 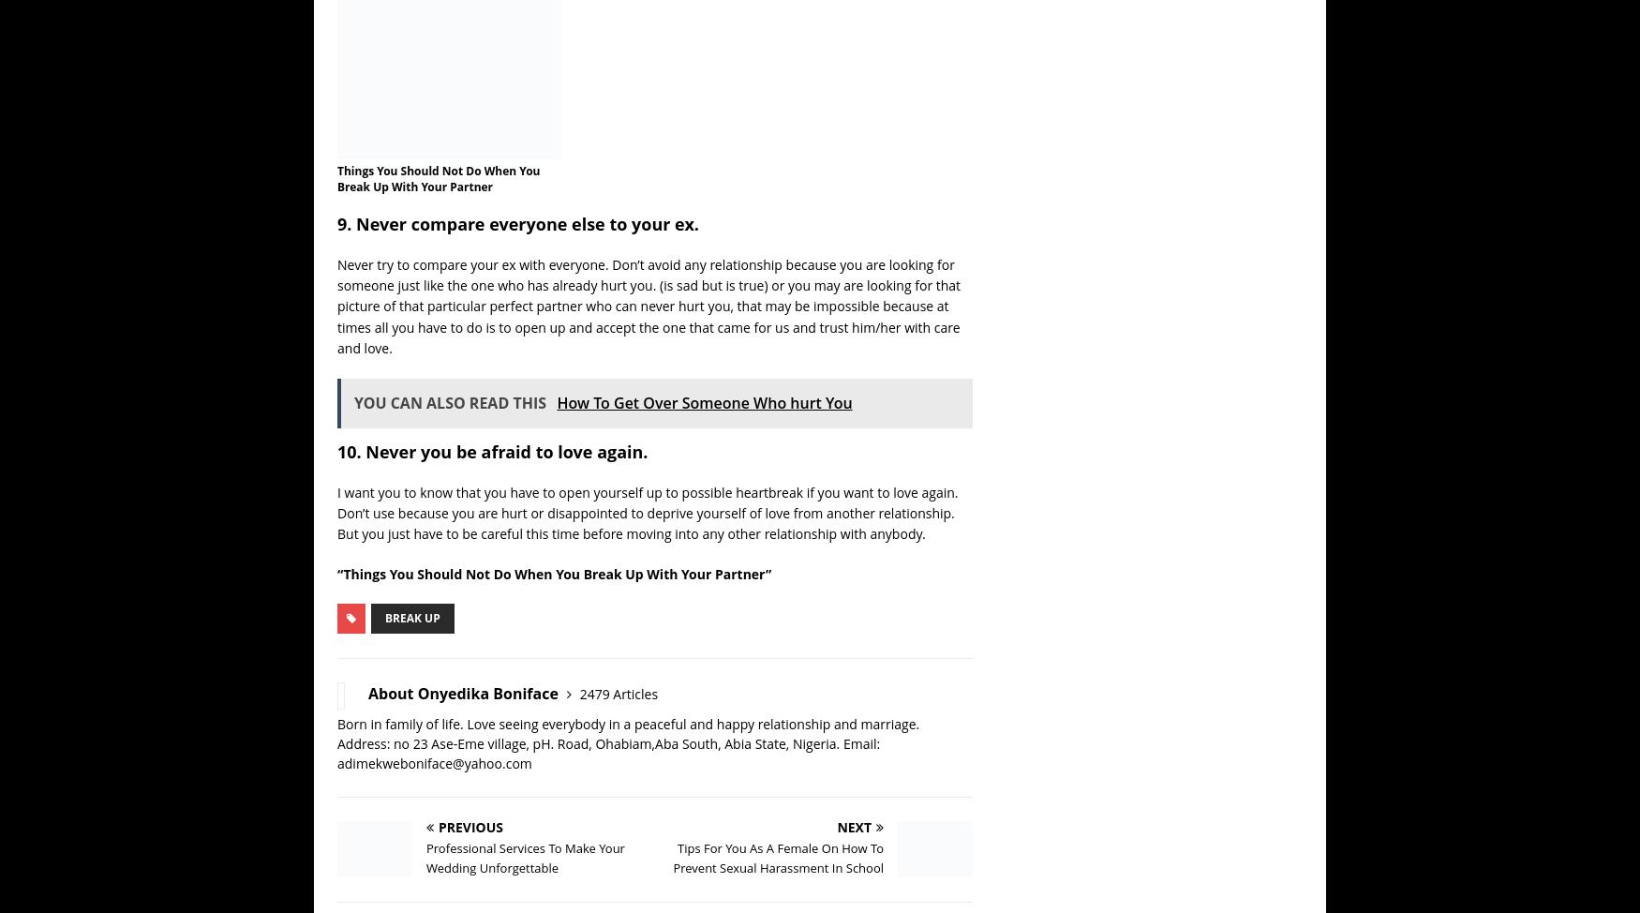 What do you see at coordinates (663, 693) in the screenshot?
I see `'2479 Articles'` at bounding box center [663, 693].